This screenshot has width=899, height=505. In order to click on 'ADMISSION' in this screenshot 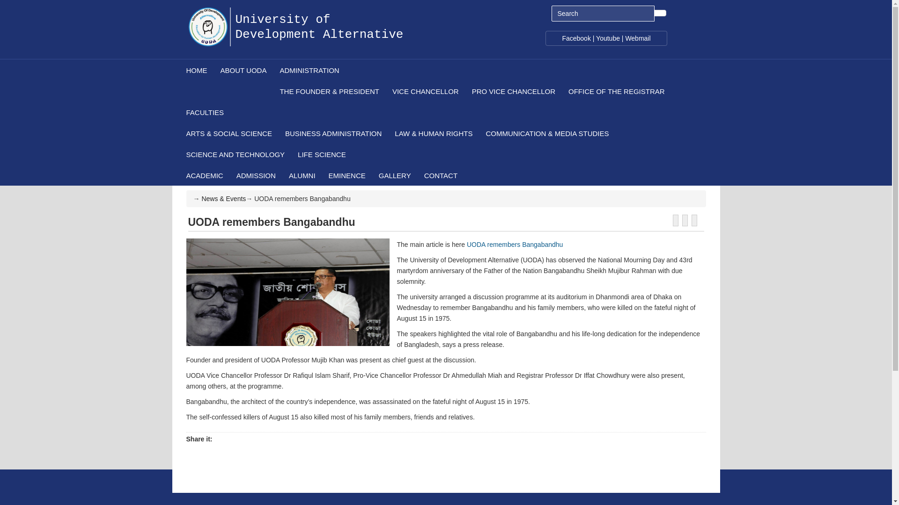, I will do `click(229, 175)`.